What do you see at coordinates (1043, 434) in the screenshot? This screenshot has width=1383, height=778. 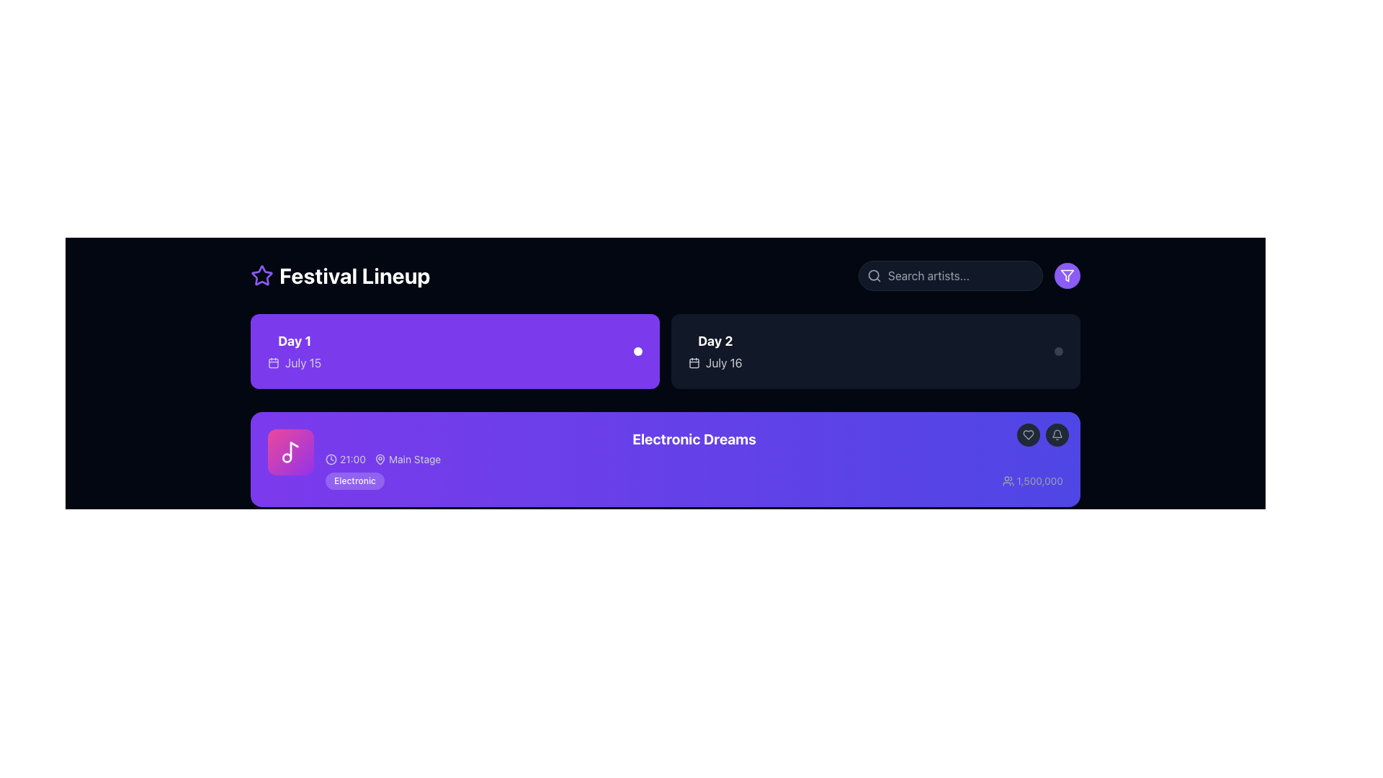 I see `the keyboard navigation on the circular button with a gradient background and a bell icon, located on the right side of the 'Electronic Dreams' card in the 'Festival Lineup' section` at bounding box center [1043, 434].